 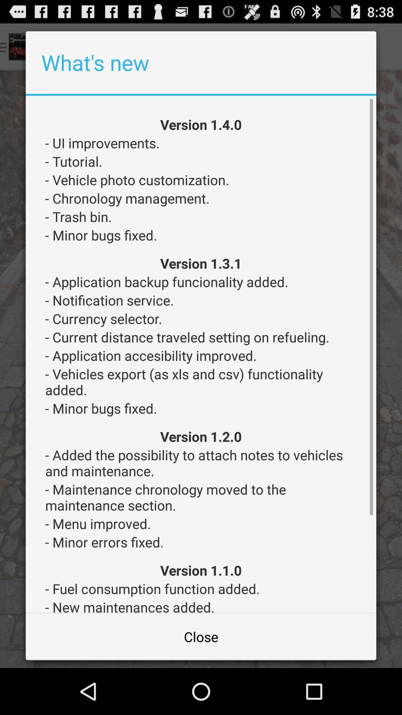 What do you see at coordinates (201, 636) in the screenshot?
I see `the app below - new maintenances added. item` at bounding box center [201, 636].